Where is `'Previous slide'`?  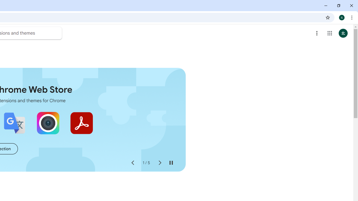
'Previous slide' is located at coordinates (132, 163).